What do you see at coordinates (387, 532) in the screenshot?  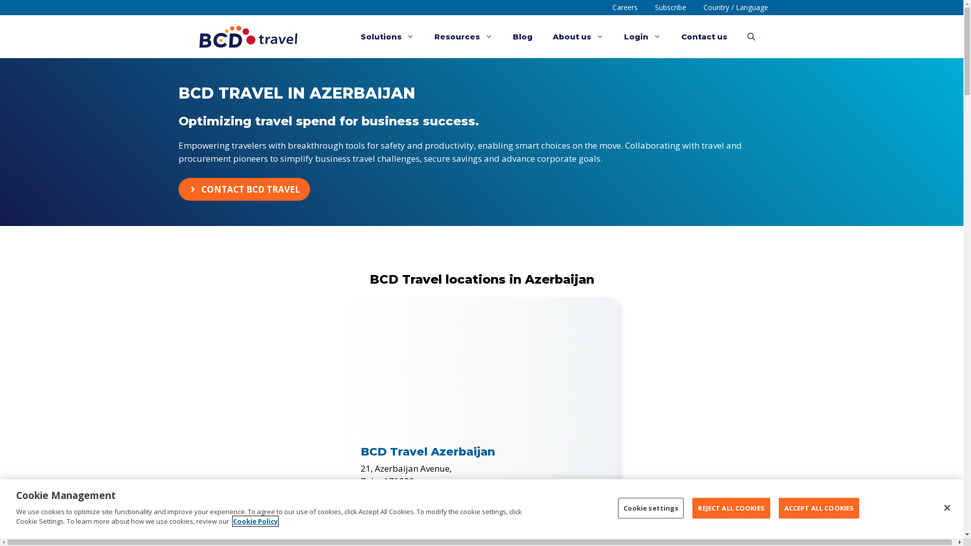 I see `'Get Directions'` at bounding box center [387, 532].